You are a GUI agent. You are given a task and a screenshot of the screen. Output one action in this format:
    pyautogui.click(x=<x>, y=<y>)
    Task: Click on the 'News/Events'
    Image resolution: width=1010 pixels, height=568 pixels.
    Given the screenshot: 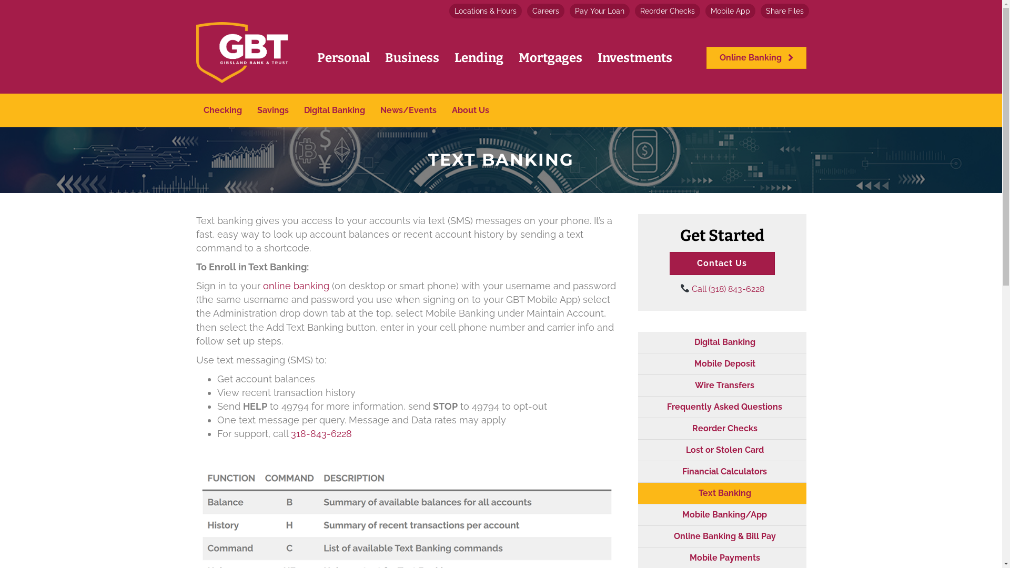 What is the action you would take?
    pyautogui.click(x=407, y=110)
    